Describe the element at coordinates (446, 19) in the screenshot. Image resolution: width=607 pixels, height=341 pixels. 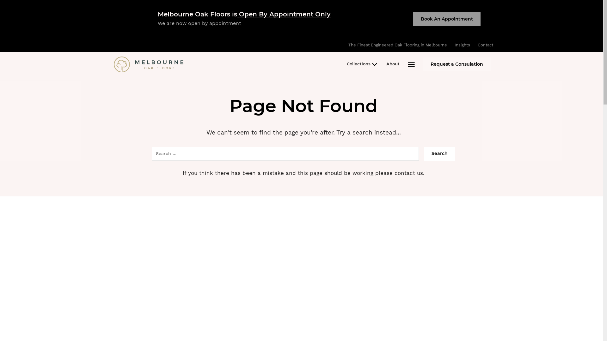
I see `'Book An Appointment'` at that location.